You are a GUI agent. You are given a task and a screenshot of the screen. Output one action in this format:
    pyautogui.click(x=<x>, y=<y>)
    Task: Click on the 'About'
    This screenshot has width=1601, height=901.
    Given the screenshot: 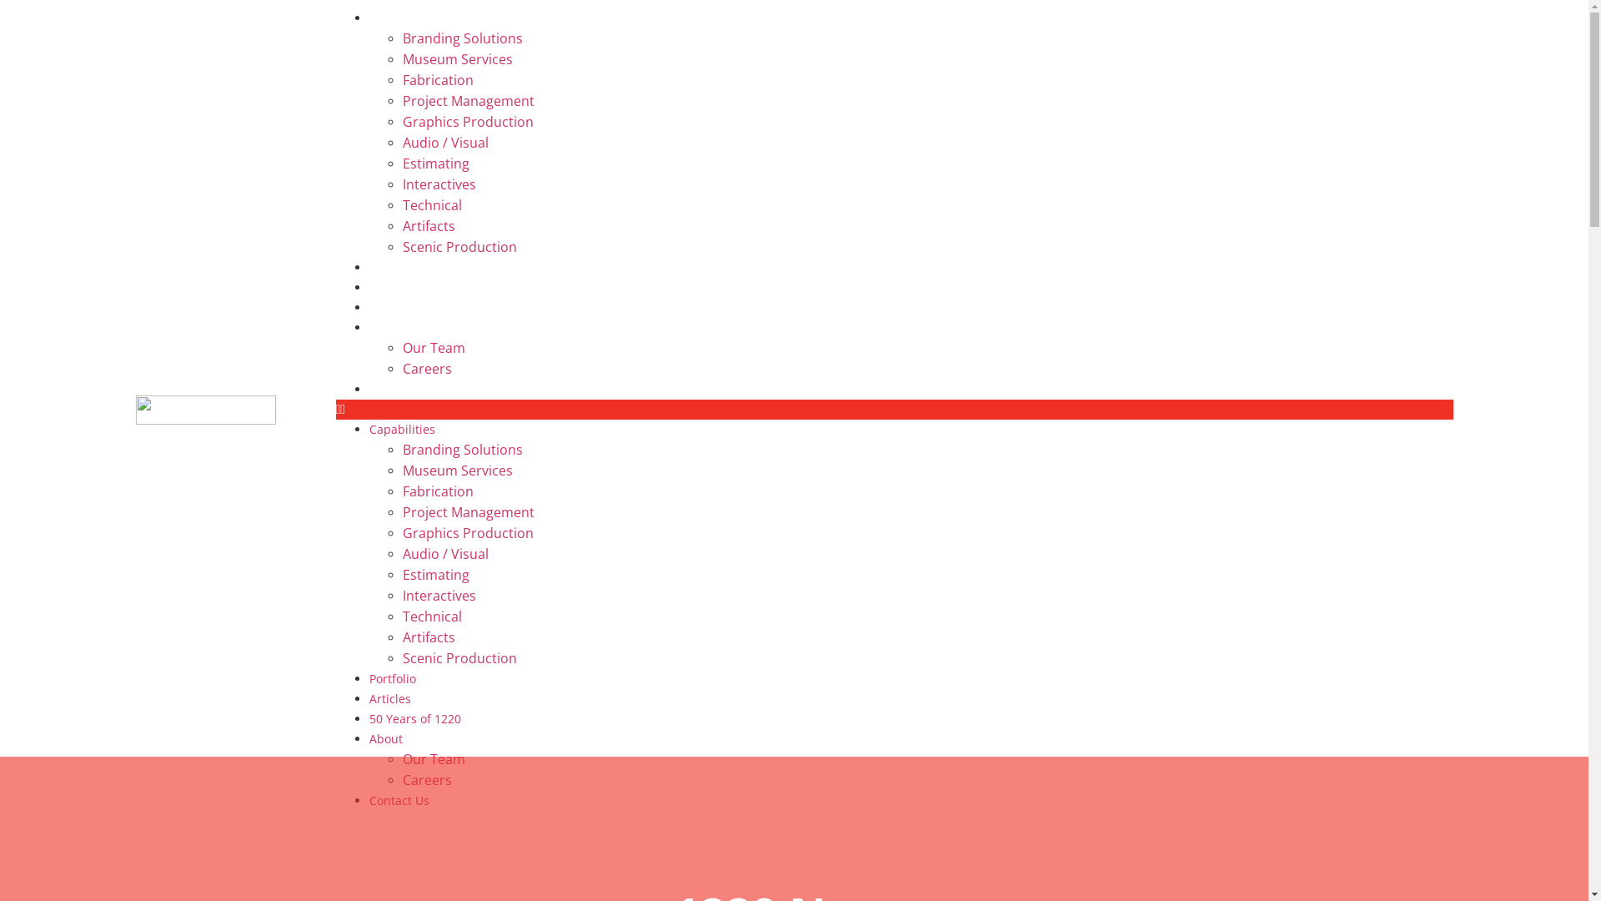 What is the action you would take?
    pyautogui.click(x=384, y=737)
    